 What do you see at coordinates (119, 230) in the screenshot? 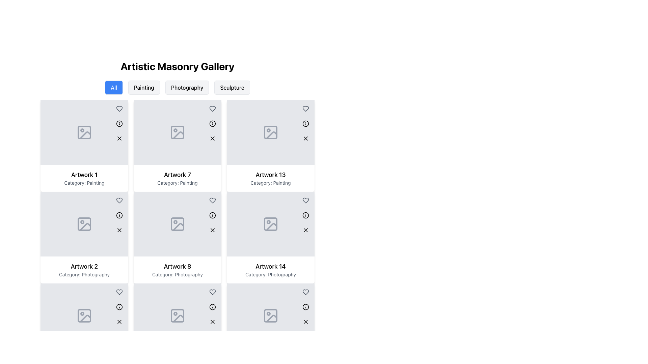
I see `the third button in the vertical stack located in the top-right corner of the artwork card` at bounding box center [119, 230].